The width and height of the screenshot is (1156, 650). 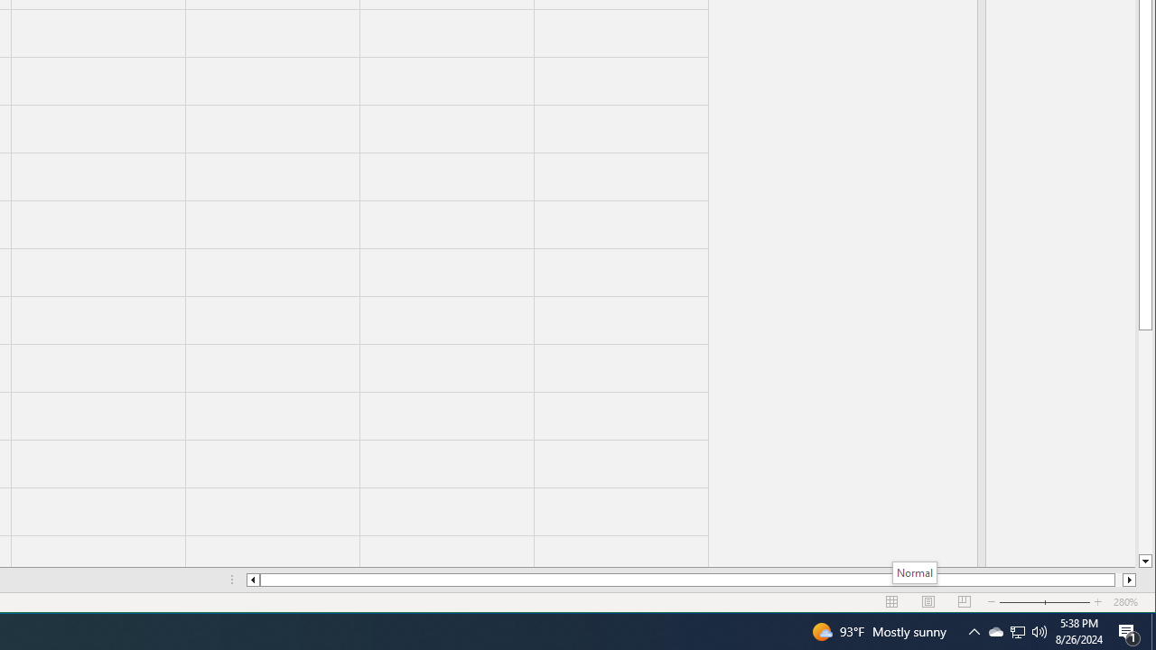 I want to click on 'Class: NetUIScrollBar', so click(x=690, y=580).